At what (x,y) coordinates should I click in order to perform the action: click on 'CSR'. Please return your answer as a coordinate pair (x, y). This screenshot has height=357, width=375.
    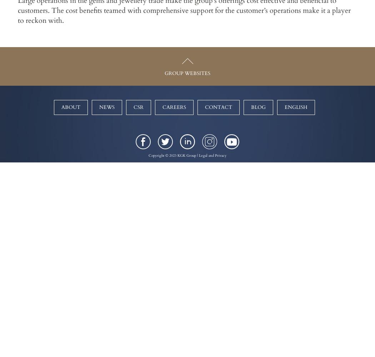
    Looking at the image, I should click on (138, 107).